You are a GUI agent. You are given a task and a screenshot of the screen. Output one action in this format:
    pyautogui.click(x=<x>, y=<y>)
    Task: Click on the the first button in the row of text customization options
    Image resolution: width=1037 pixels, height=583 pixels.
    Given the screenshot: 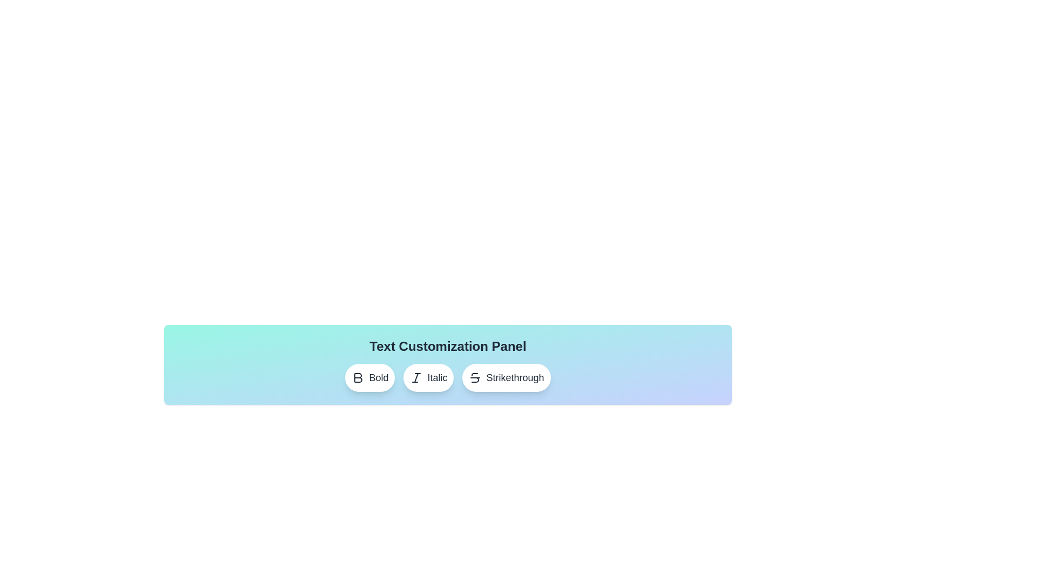 What is the action you would take?
    pyautogui.click(x=370, y=377)
    